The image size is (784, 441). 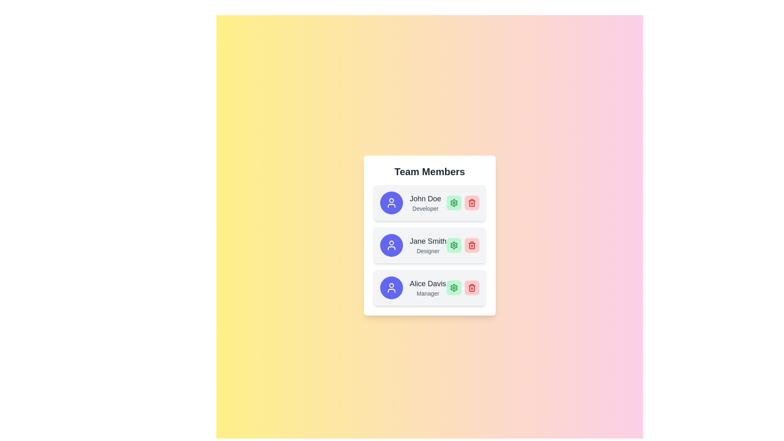 What do you see at coordinates (427, 287) in the screenshot?
I see `the text group displaying 'Alice Davis' and 'Manager', which is located within the last team member card at the bottom of the list` at bounding box center [427, 287].